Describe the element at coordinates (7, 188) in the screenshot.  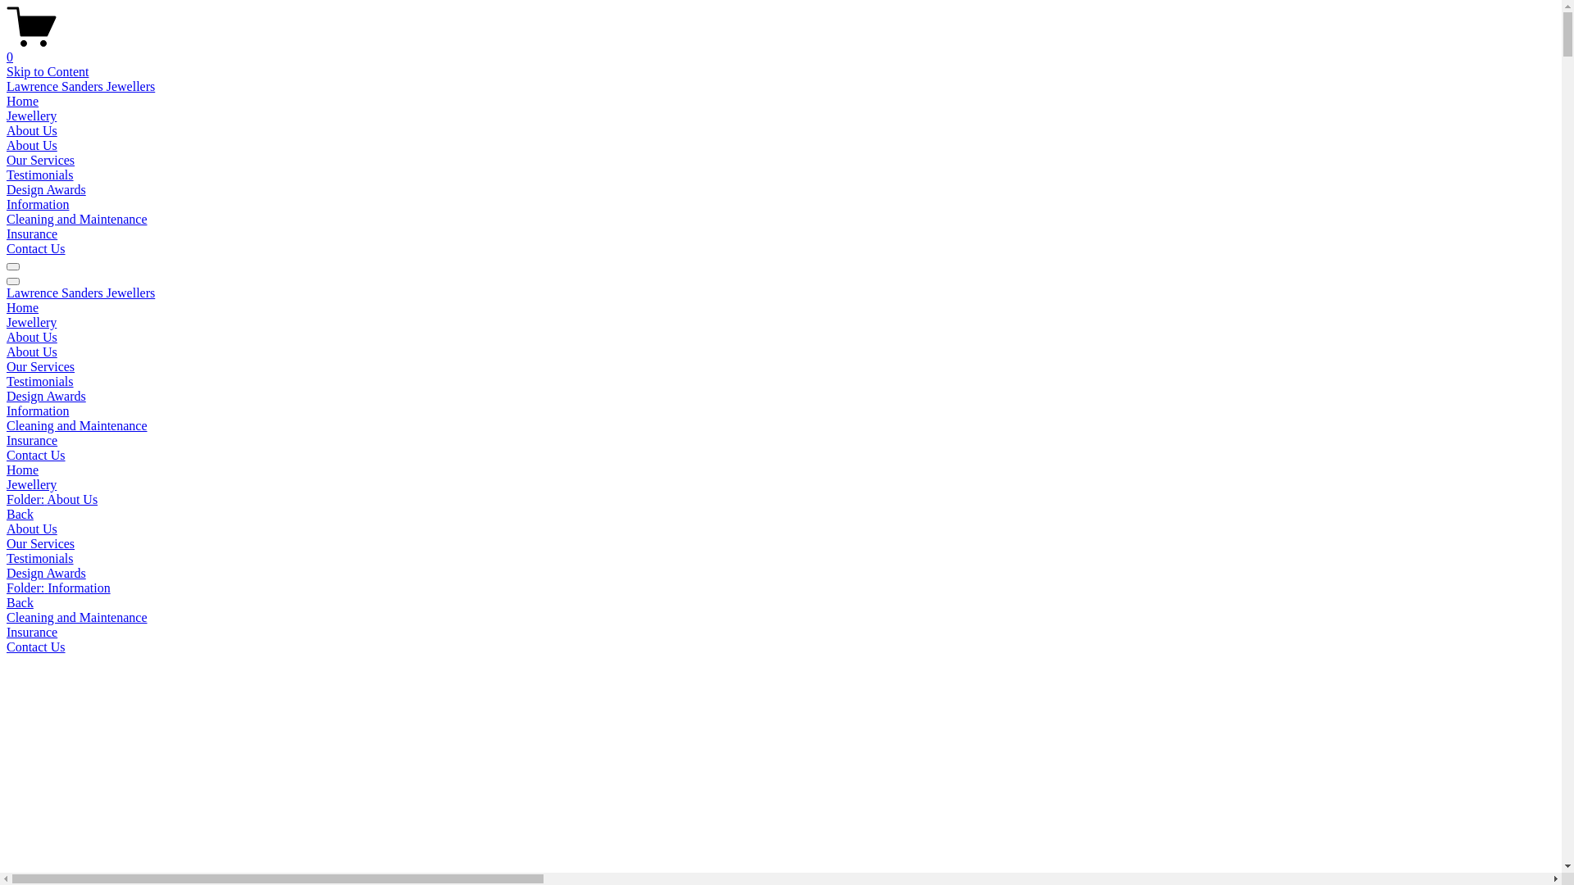
I see `'Design Awards'` at that location.